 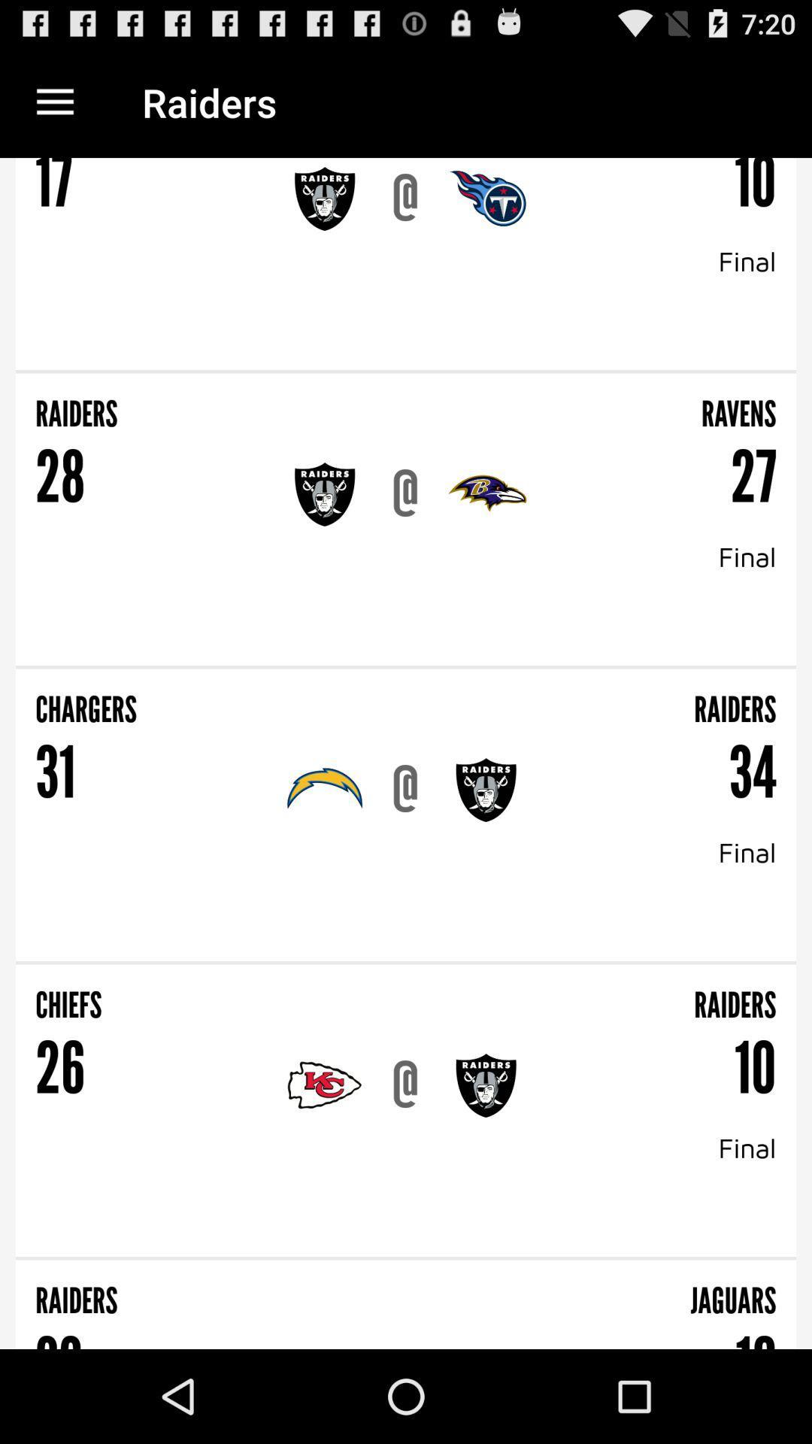 What do you see at coordinates (54, 773) in the screenshot?
I see `the item below the chargers item` at bounding box center [54, 773].